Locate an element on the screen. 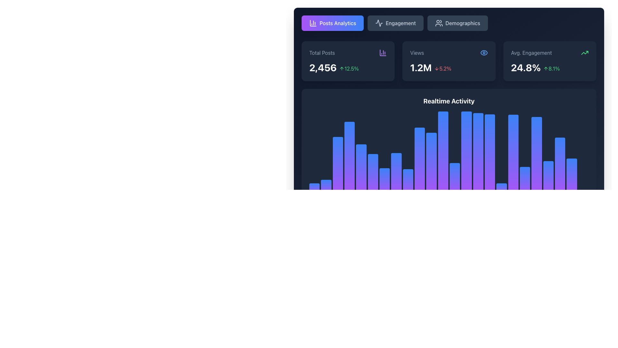  the 24th bar in the bar chart is located at coordinates (572, 152).